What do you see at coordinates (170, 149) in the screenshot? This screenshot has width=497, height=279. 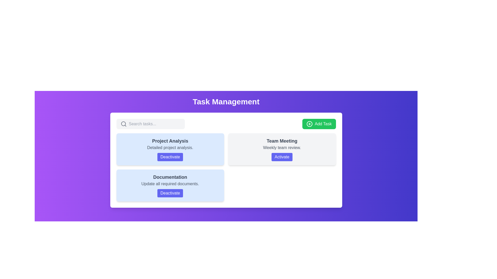 I see `the button on the 'Project Analysis' task card located in the top-left corner of the grid layout` at bounding box center [170, 149].